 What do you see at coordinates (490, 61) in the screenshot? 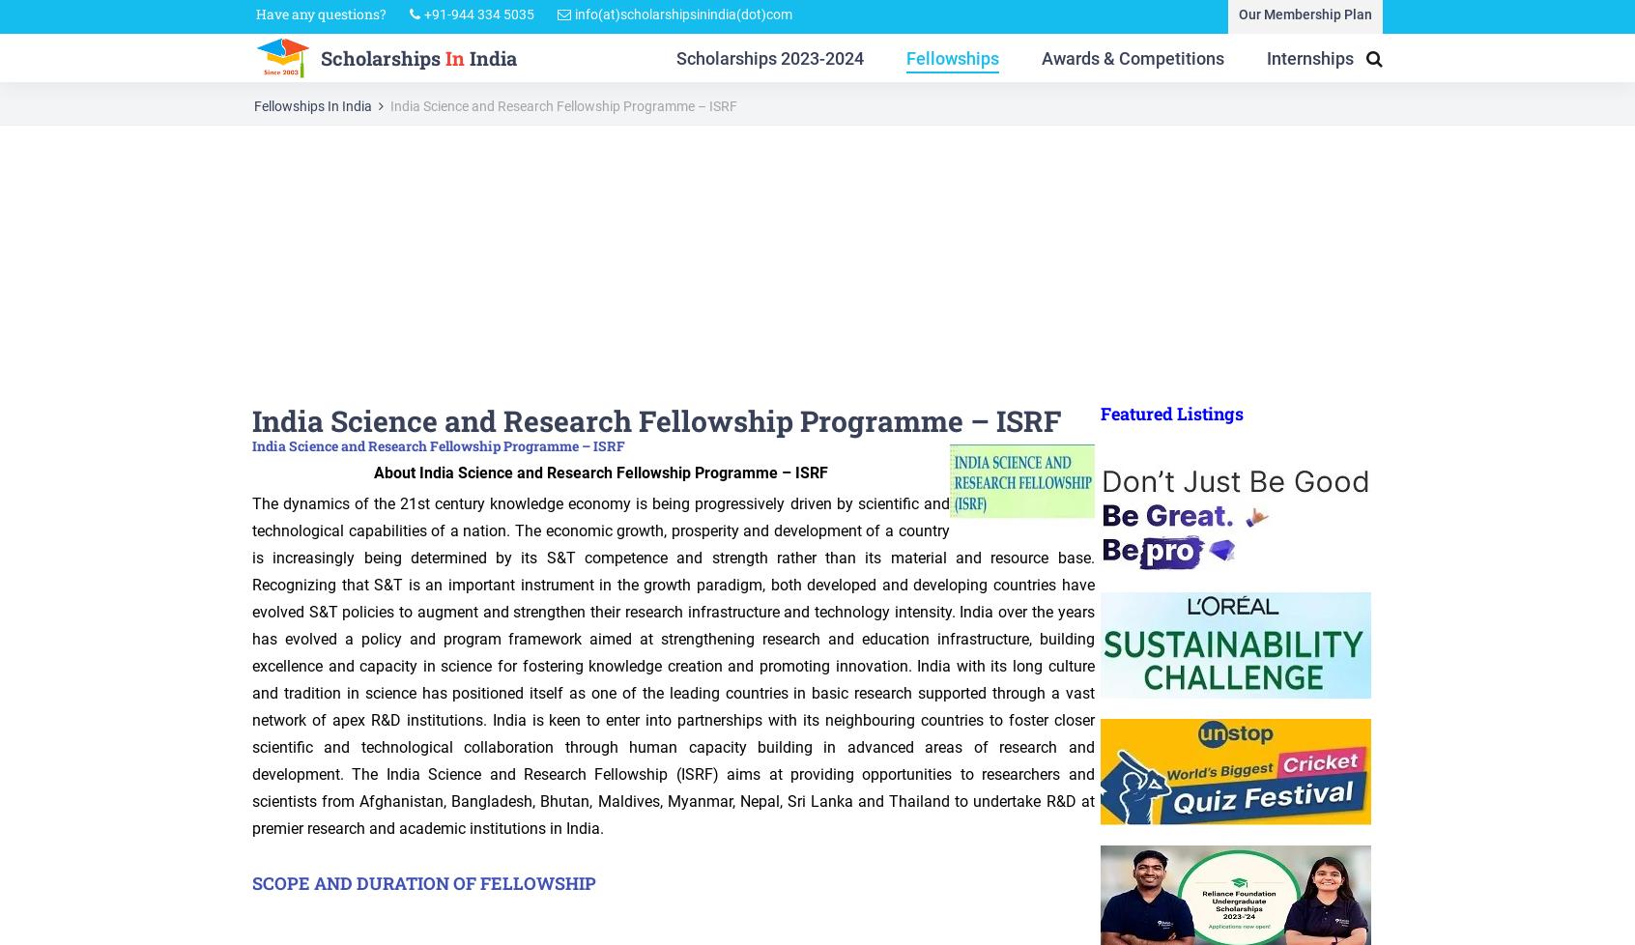
I see `'India'` at bounding box center [490, 61].